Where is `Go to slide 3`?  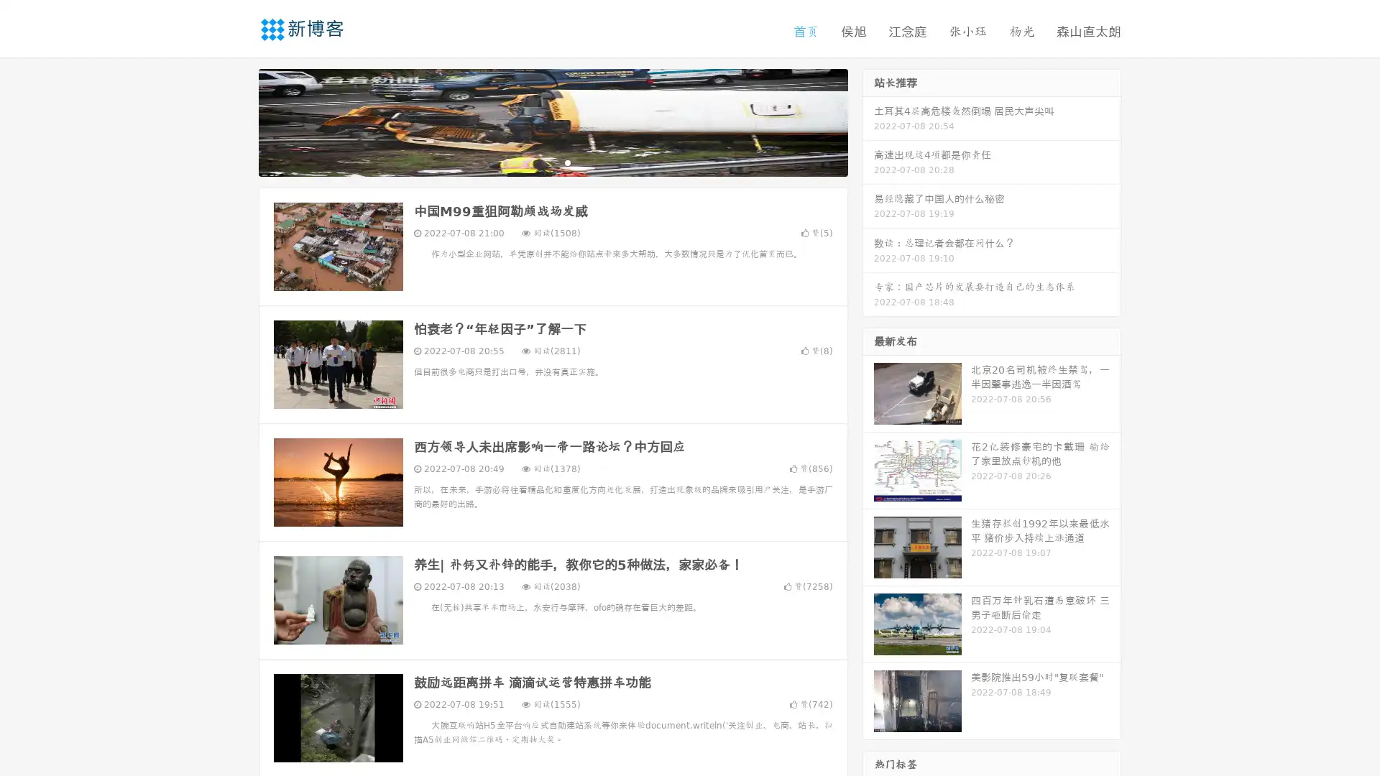 Go to slide 3 is located at coordinates (567, 162).